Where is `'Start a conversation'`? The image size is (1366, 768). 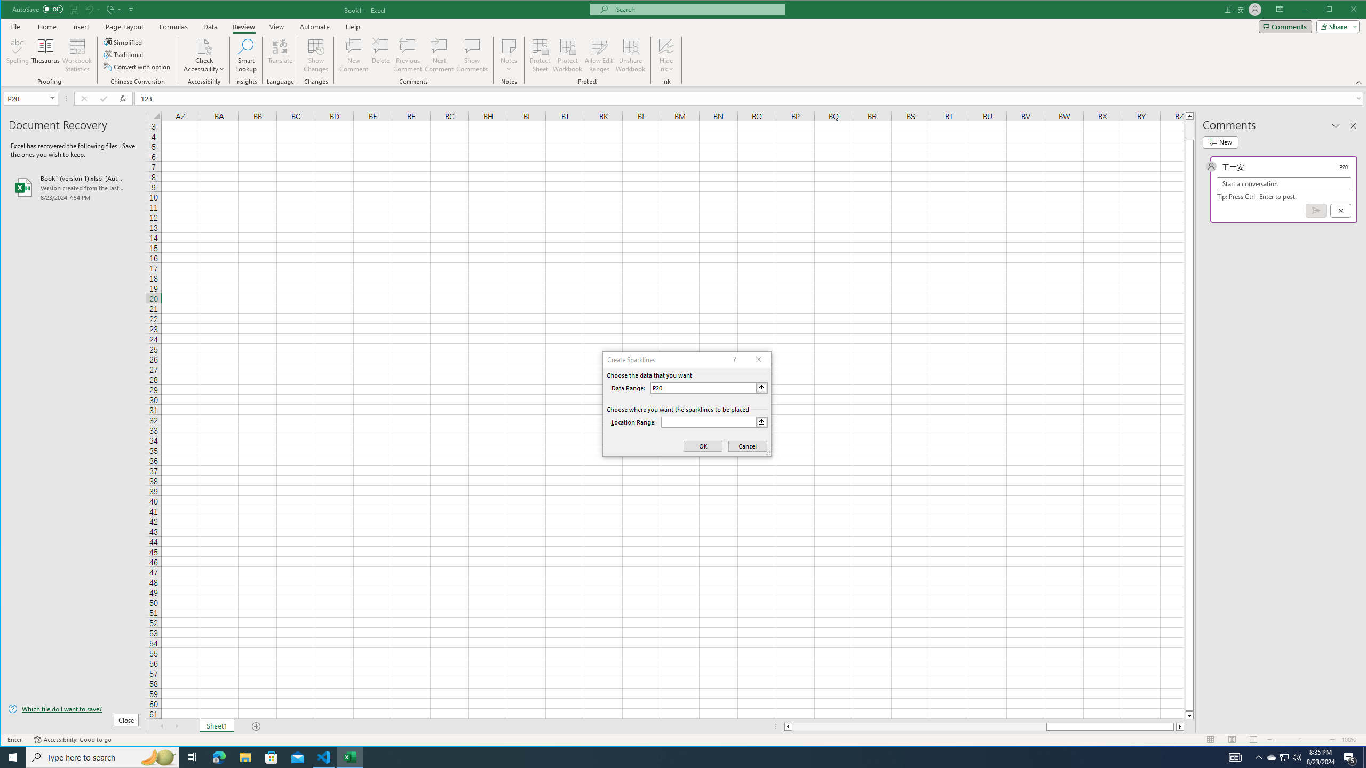
'Start a conversation' is located at coordinates (1283, 183).